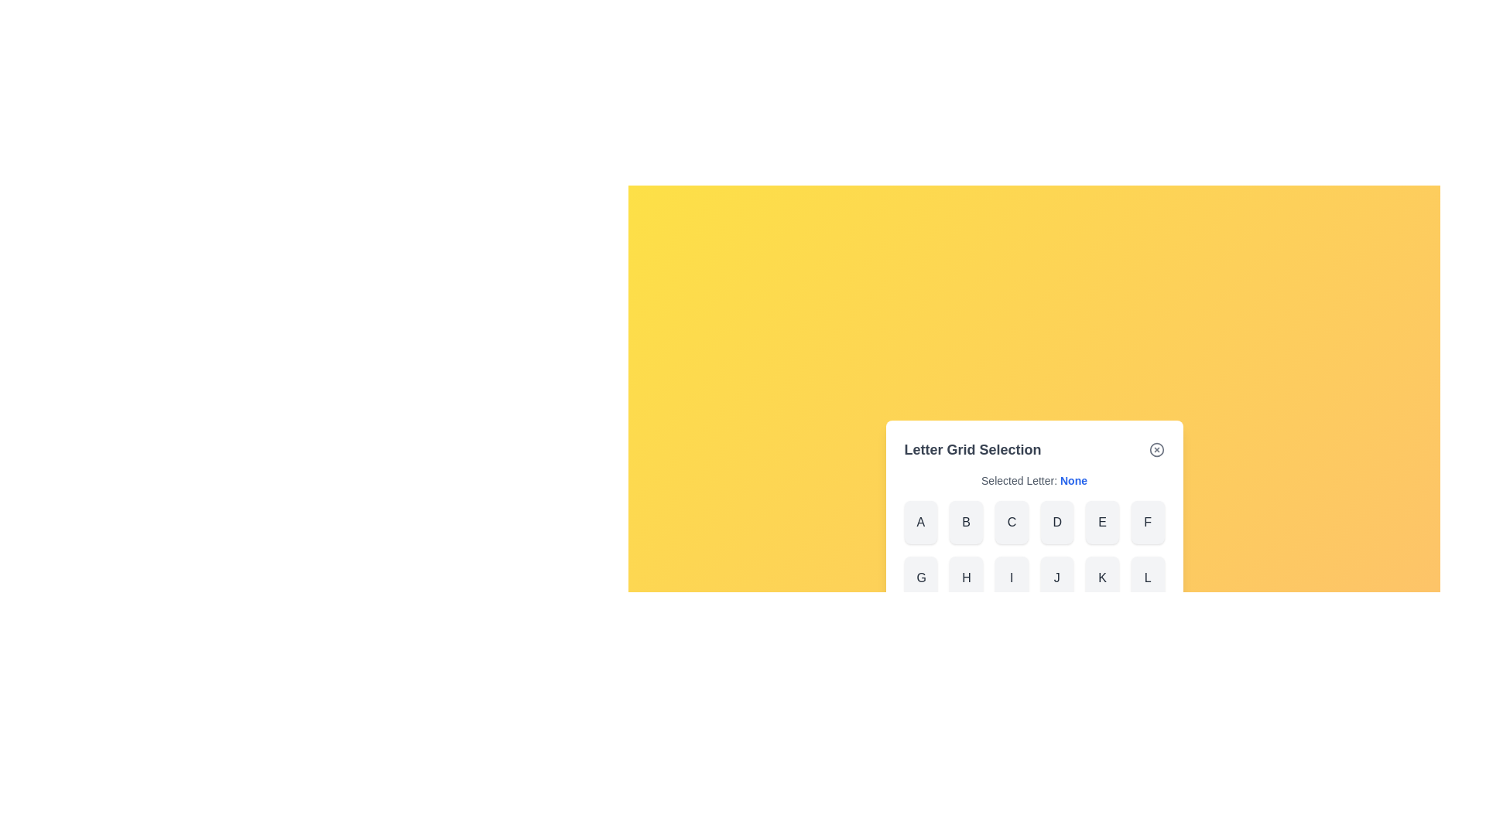 The image size is (1486, 835). Describe the element at coordinates (965, 522) in the screenshot. I see `the letter B from the grid` at that location.